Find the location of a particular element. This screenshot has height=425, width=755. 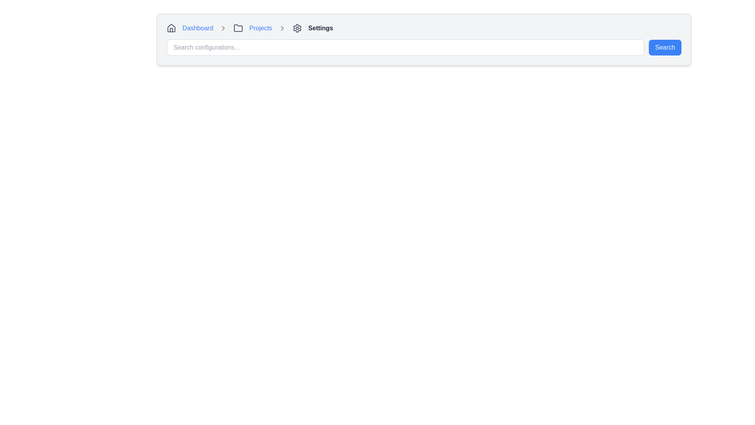

the settings icon is located at coordinates (297, 28).